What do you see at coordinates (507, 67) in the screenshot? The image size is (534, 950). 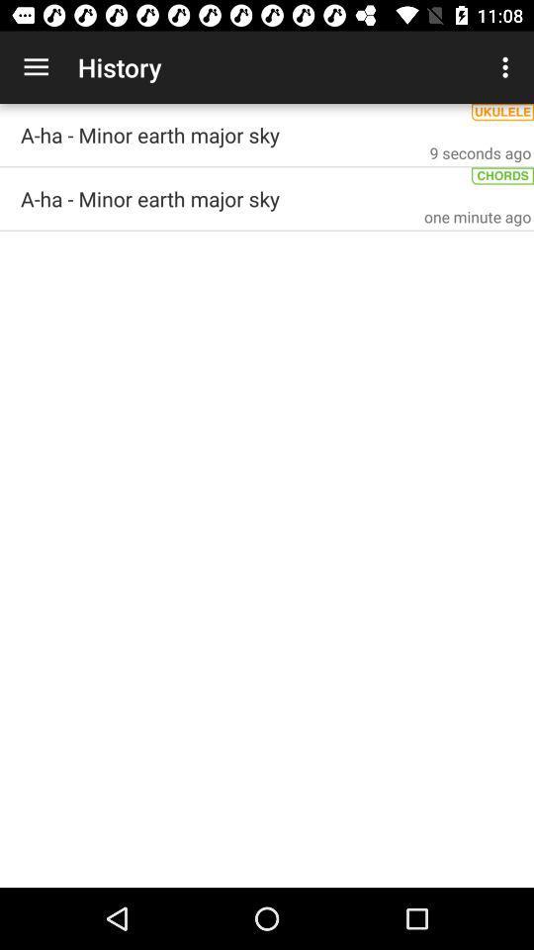 I see `the icon above a ha minor icon` at bounding box center [507, 67].